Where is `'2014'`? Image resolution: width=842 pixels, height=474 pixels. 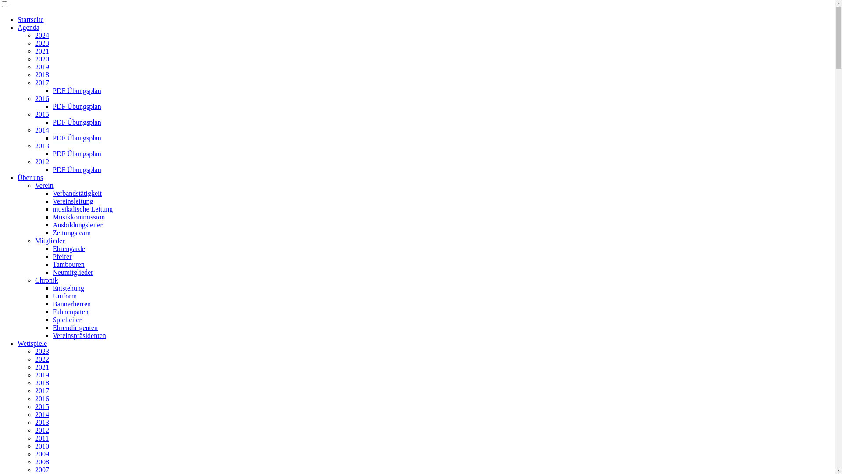
'2014' is located at coordinates (42, 414).